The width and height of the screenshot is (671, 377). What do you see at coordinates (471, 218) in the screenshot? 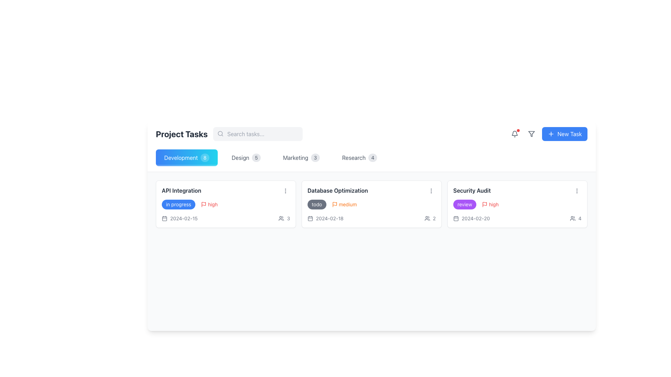
I see `displayed due date '2024-02-20' from the Date display element located within the 'Security Audit' card, which is positioned below the task labels and next to the attendee count` at bounding box center [471, 218].